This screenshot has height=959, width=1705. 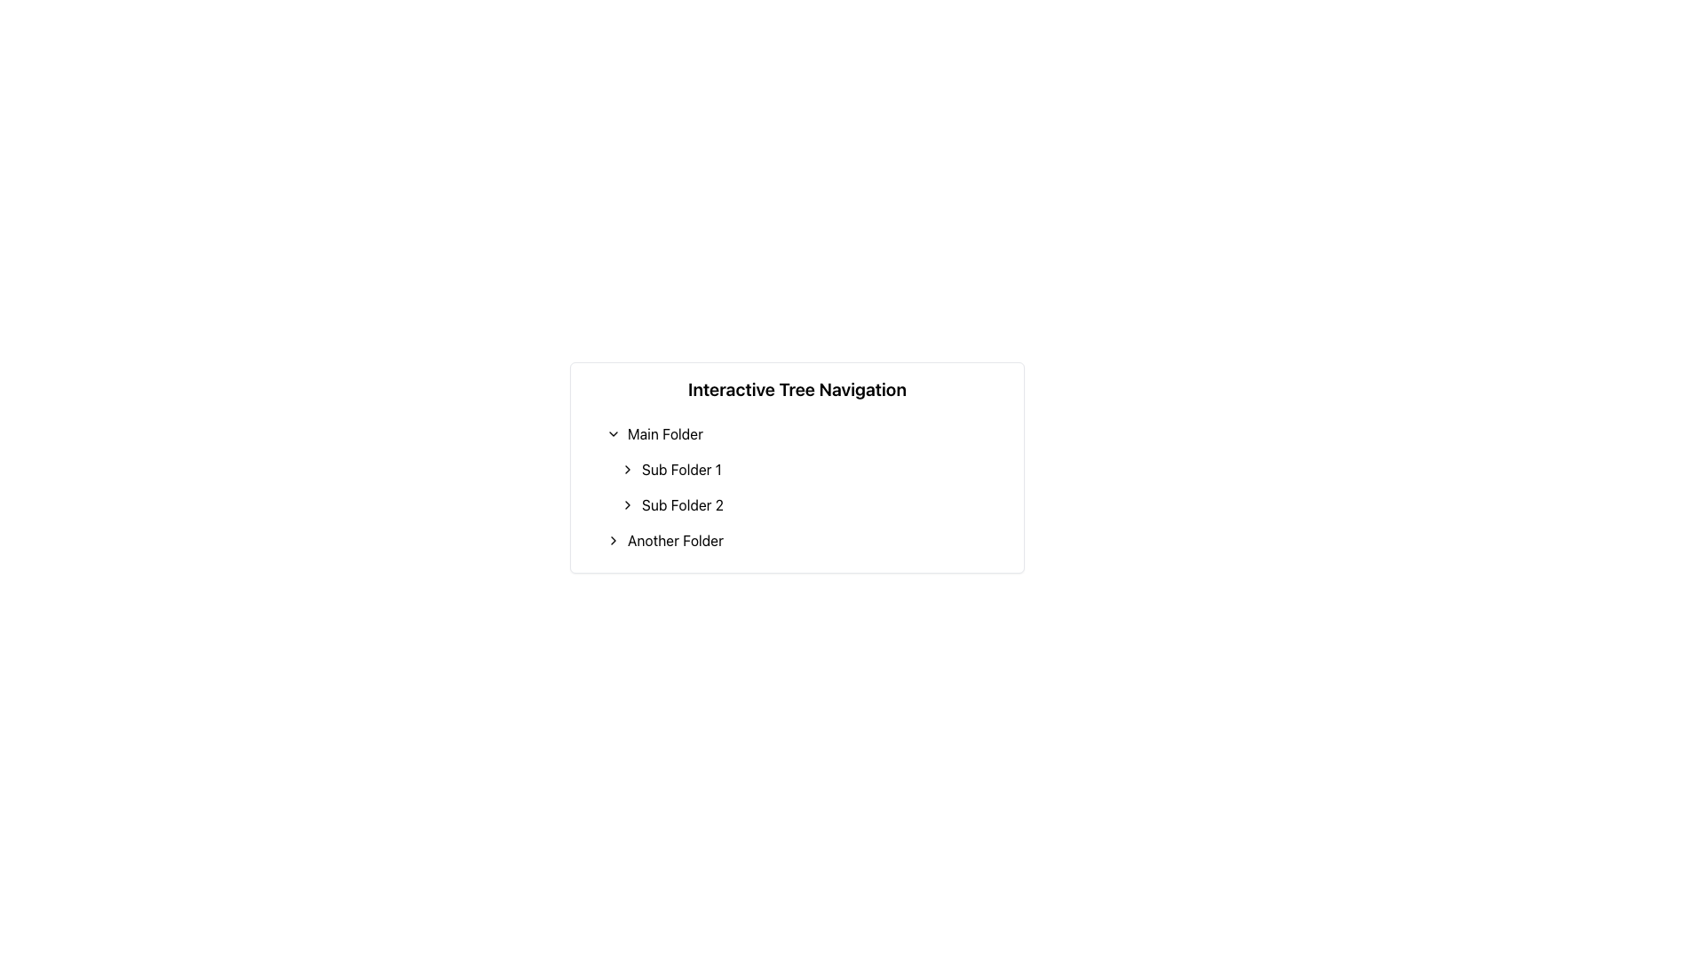 What do you see at coordinates (627, 505) in the screenshot?
I see `the Button-like icon that indicates the state of the 'Sub Folder 2' entry` at bounding box center [627, 505].